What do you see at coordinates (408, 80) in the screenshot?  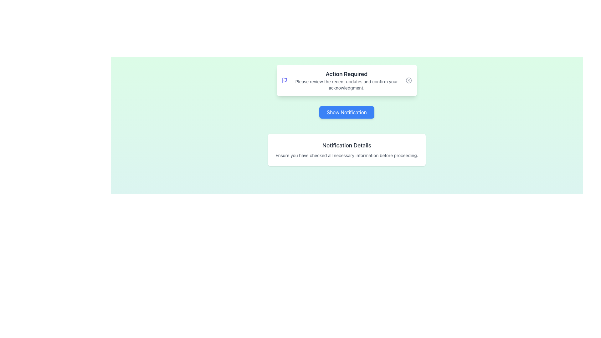 I see `the circular button with a cross inside, located at the top right corner of the 'Action Required' card` at bounding box center [408, 80].